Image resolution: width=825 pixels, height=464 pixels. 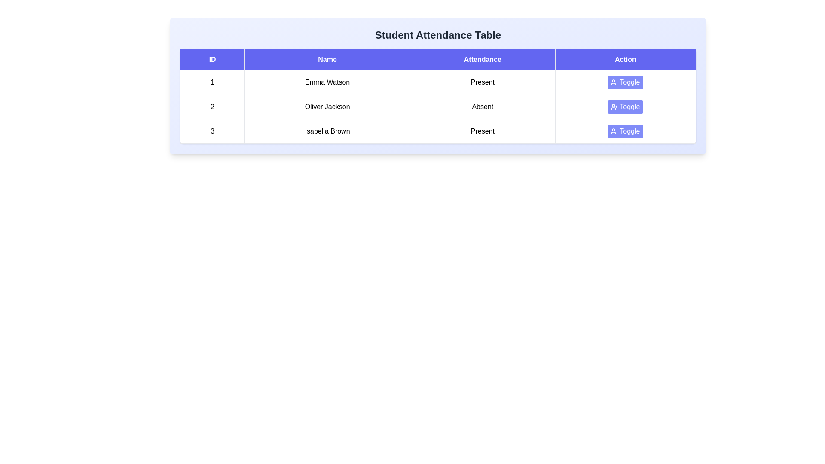 I want to click on the button in the 'Action' column of the 'Student Attendance Table' corresponding to 'Emma Watson' for additional information or effects, so click(x=625, y=82).